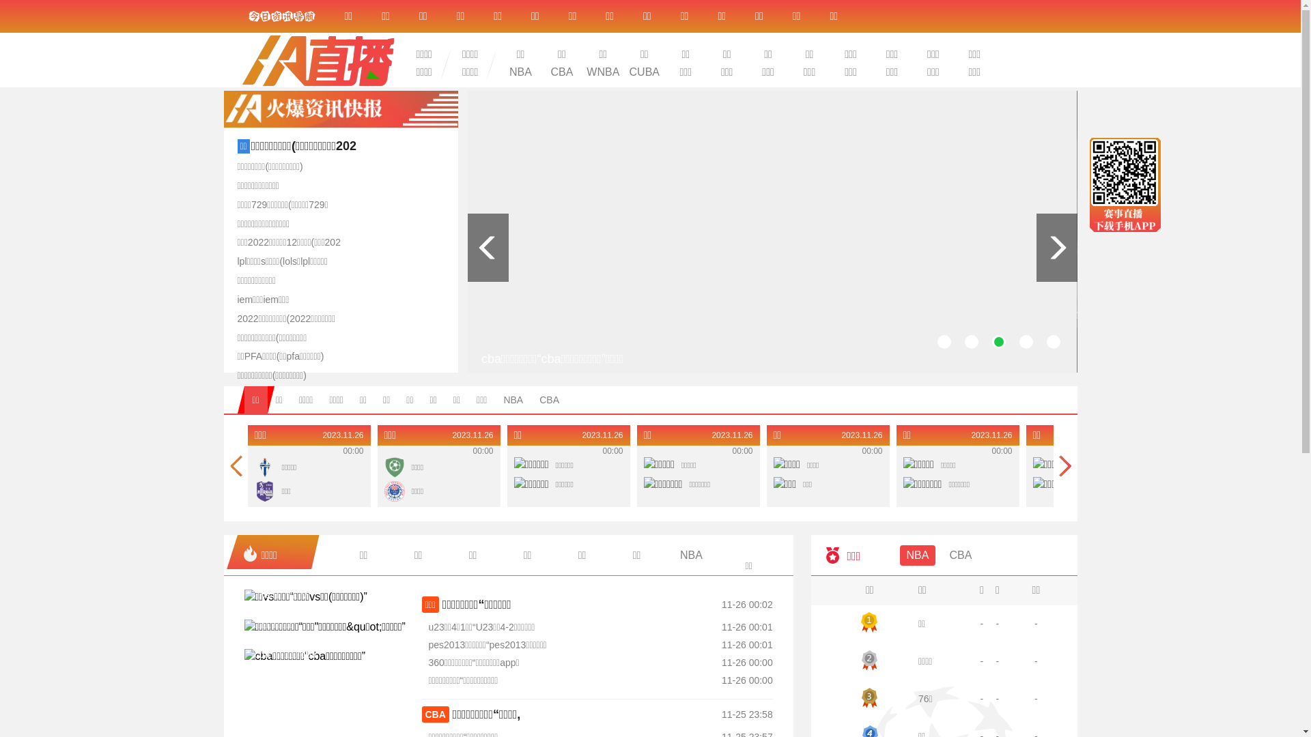 The height and width of the screenshot is (737, 1311). I want to click on 'CUBA', so click(644, 72).